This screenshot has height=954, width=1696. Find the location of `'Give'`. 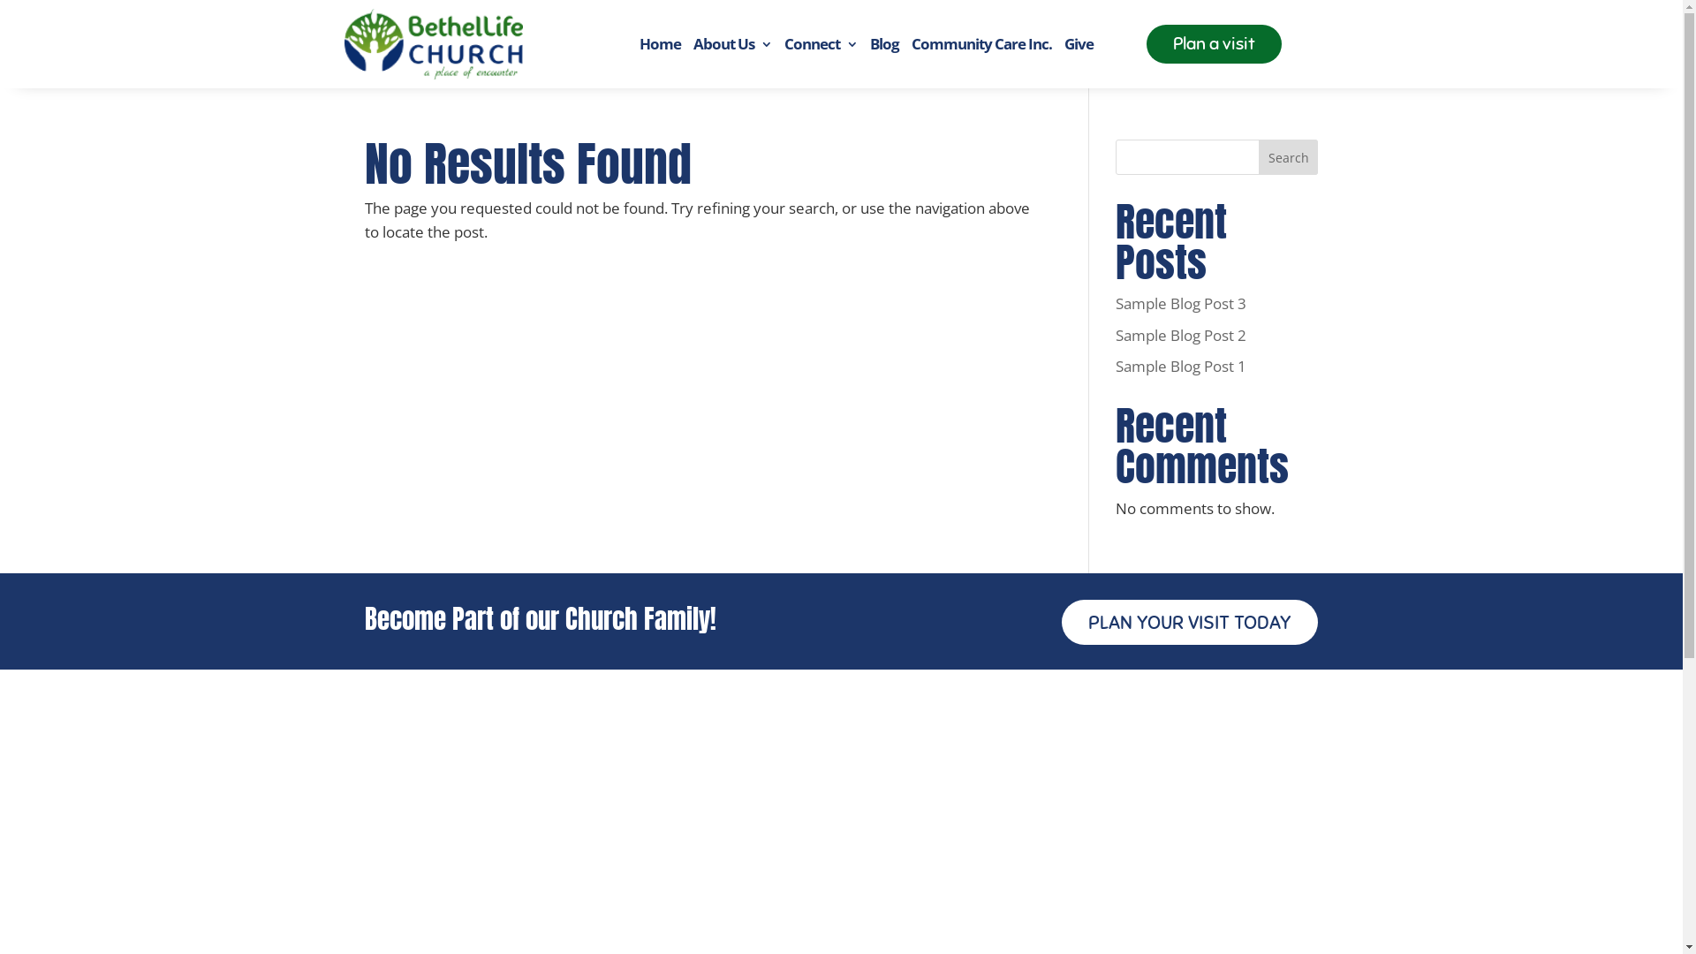

'Give' is located at coordinates (1078, 43).